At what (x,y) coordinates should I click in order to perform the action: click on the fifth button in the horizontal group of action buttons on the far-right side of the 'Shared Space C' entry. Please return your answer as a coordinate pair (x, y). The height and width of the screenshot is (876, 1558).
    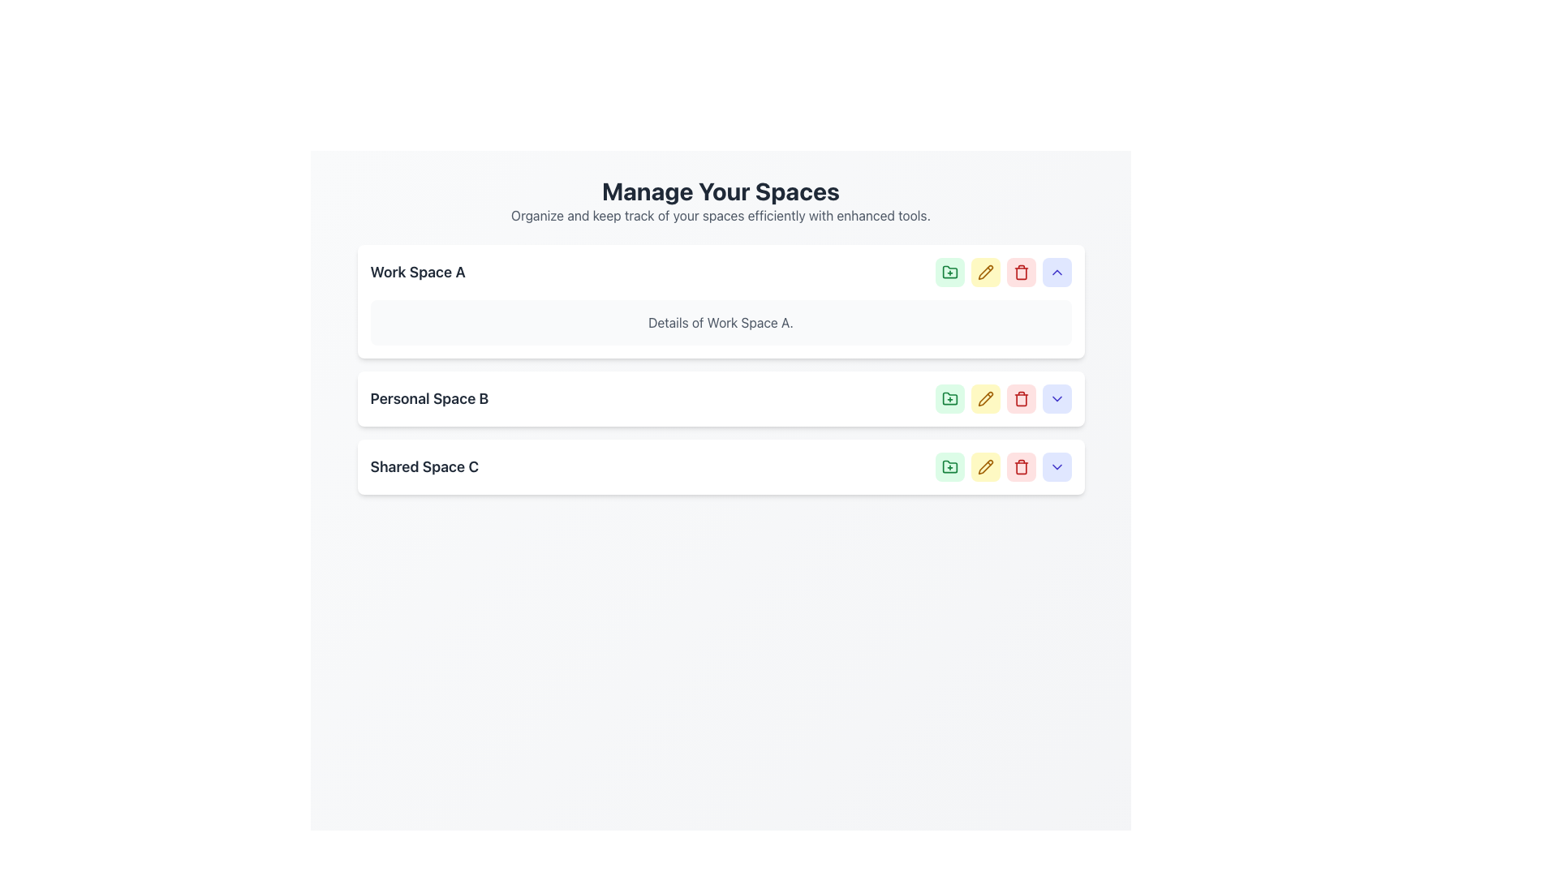
    Looking at the image, I should click on (1057, 466).